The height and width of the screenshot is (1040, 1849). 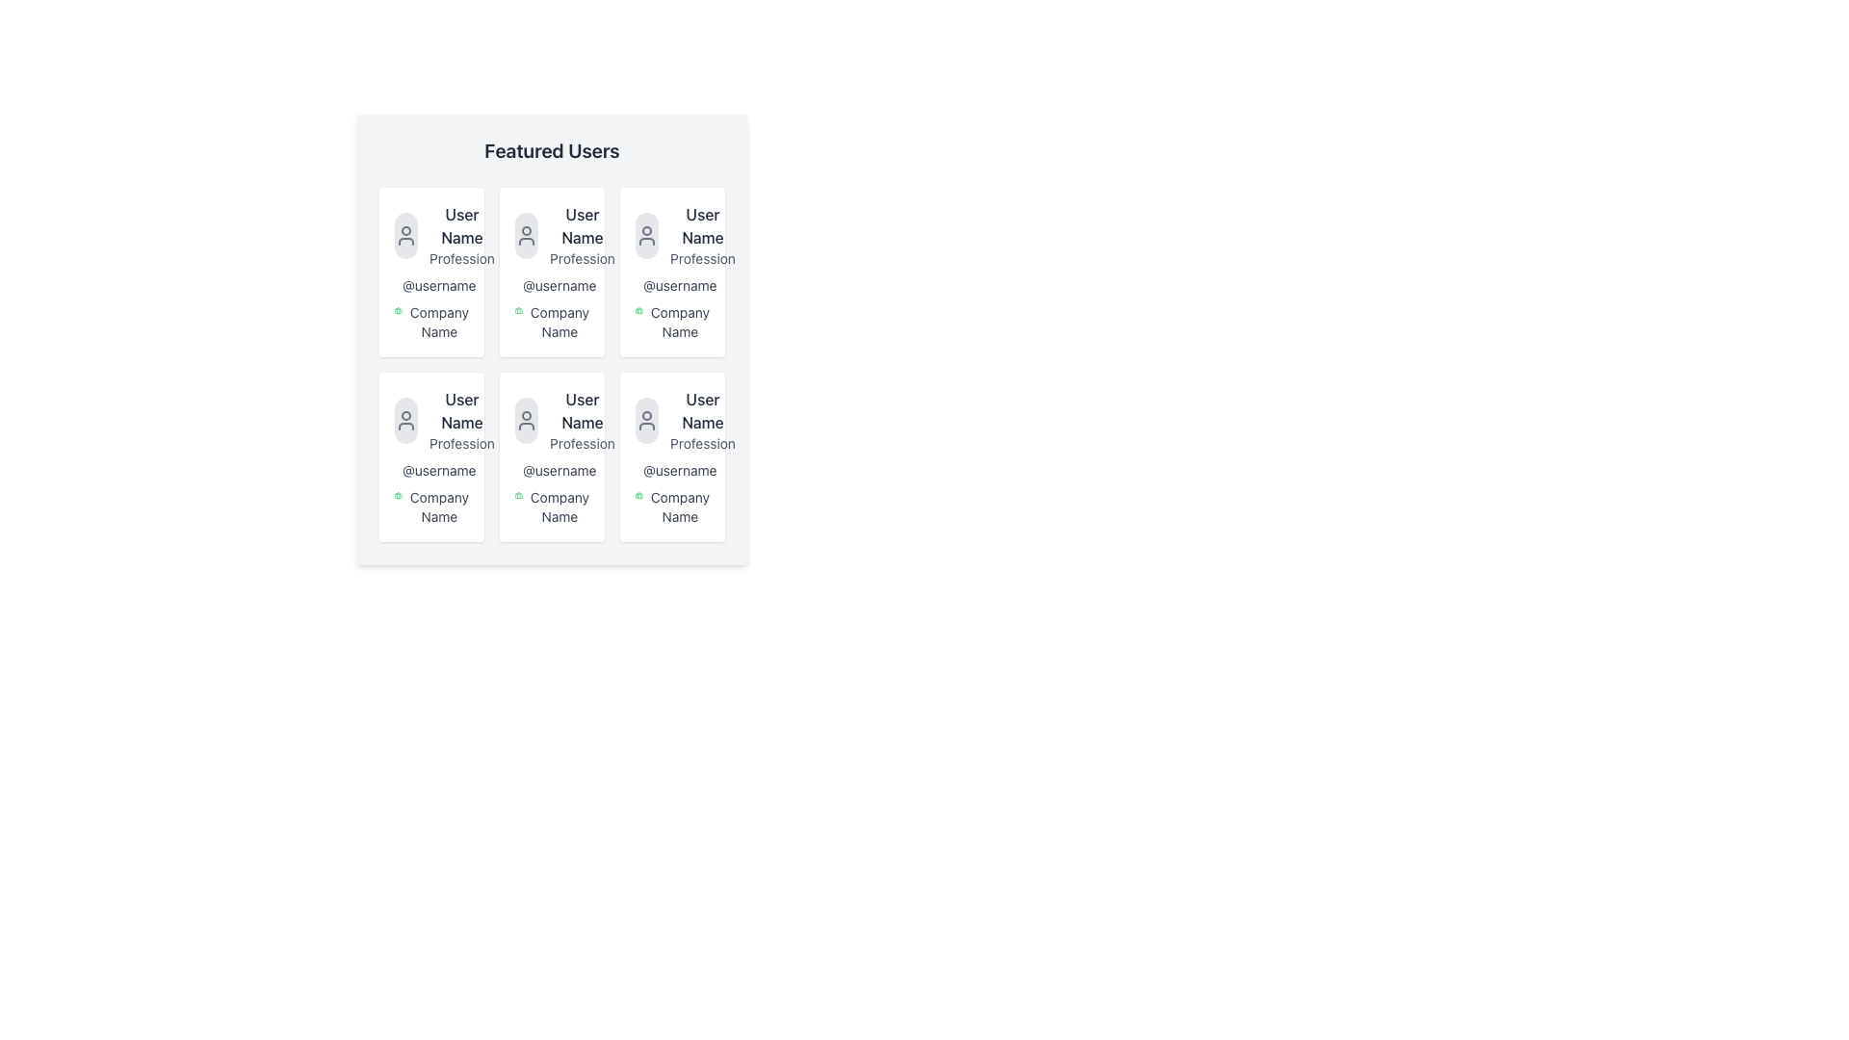 I want to click on the text element displaying 'User Name' and 'Profession' in a card containing user information, located in the middle of the second row in a grid layout, so click(x=581, y=419).